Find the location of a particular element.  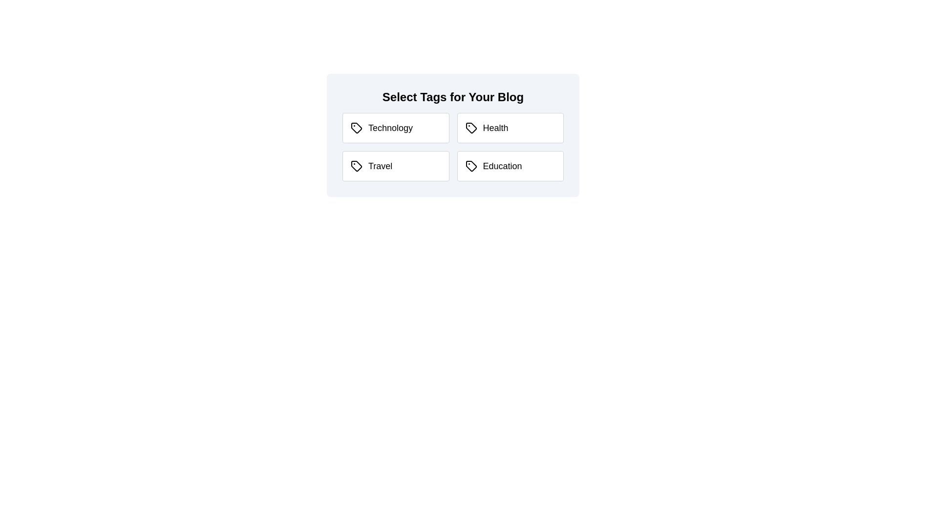

the tag labeled Education to observe the visual feedback is located at coordinates (510, 165).